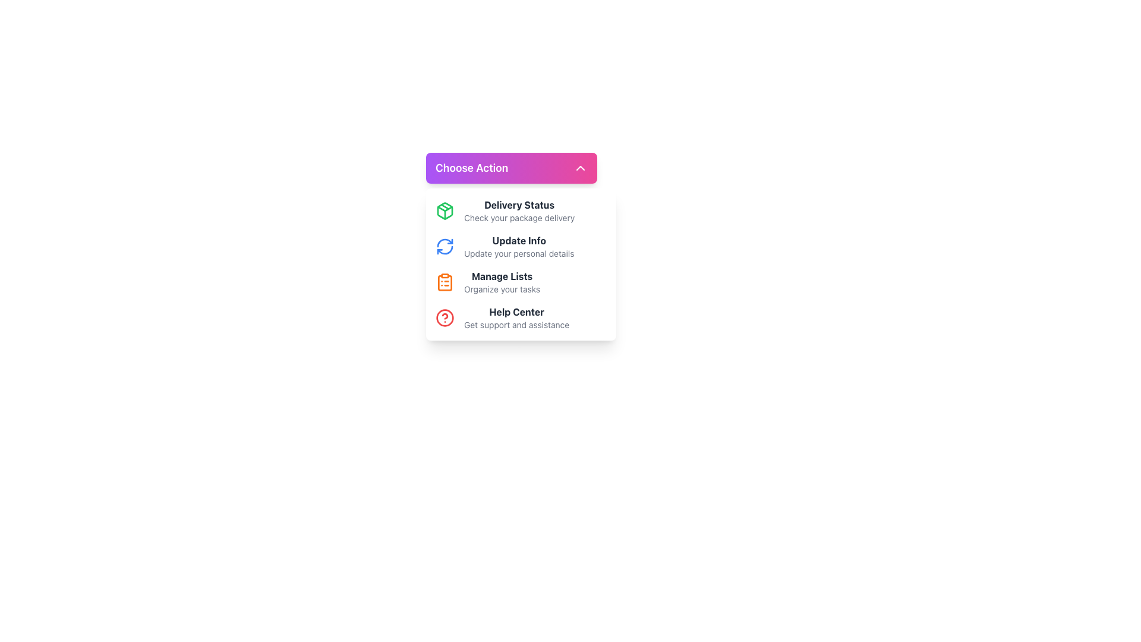  I want to click on informational text block titled 'Delivery Status' which provides a description about checking package delivery, located in the top section of the options list to the right of the green package icon, so click(519, 210).